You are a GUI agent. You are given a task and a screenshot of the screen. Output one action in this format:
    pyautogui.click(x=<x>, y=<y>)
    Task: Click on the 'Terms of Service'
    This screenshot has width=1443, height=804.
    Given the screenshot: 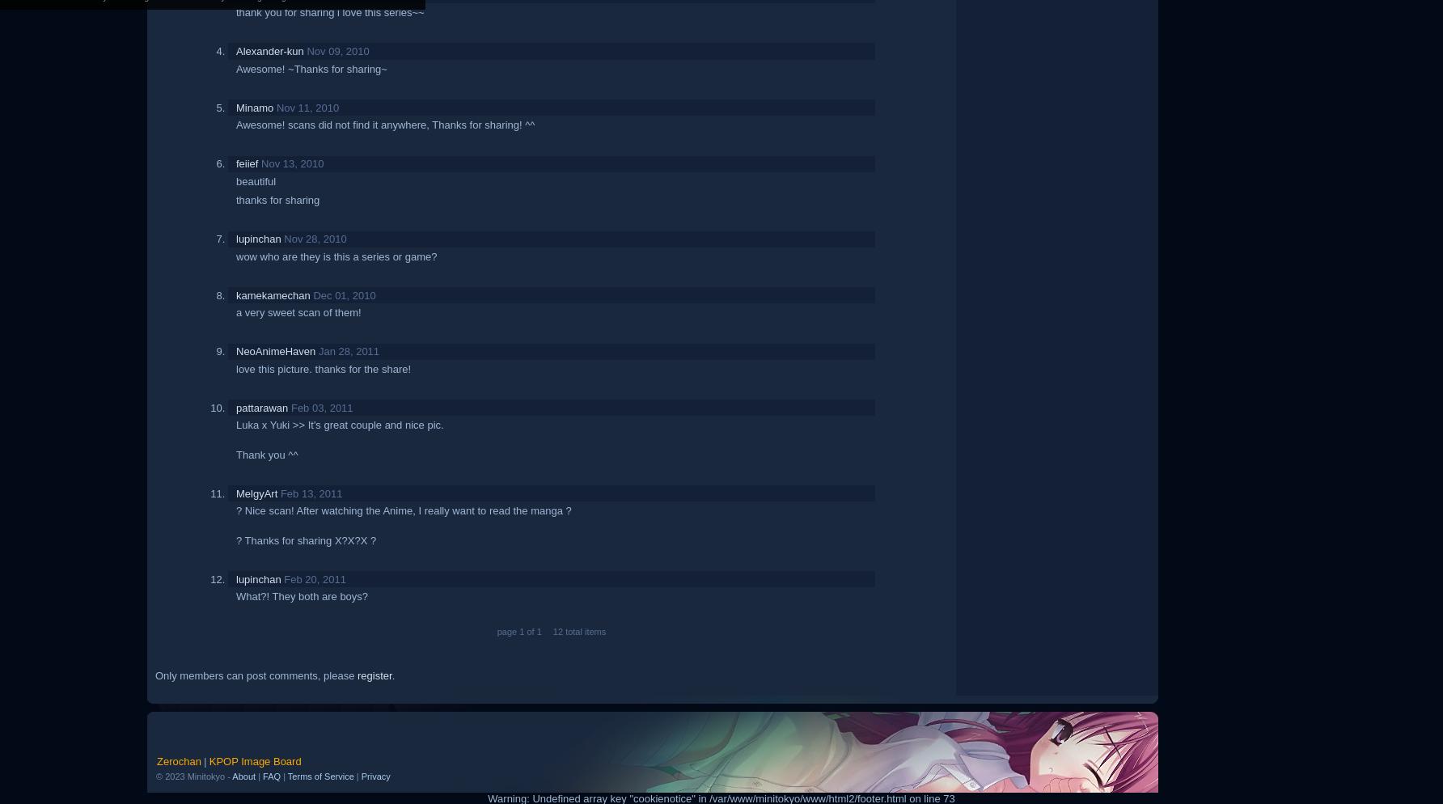 What is the action you would take?
    pyautogui.click(x=319, y=776)
    